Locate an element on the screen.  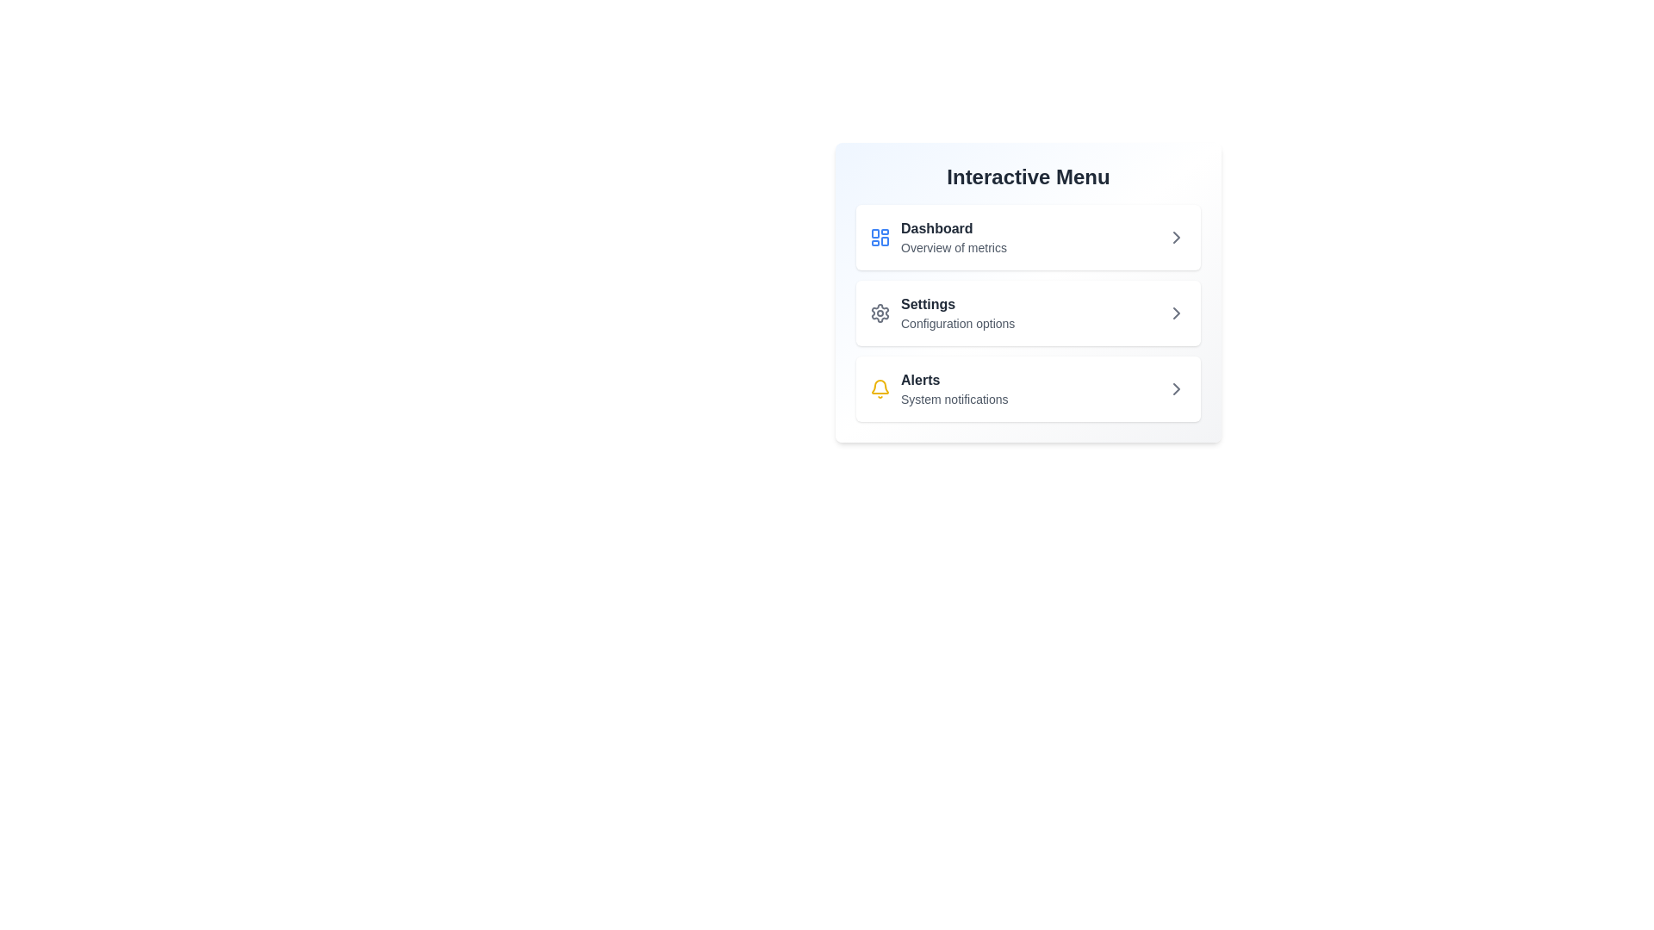
the 'Settings' menu item is located at coordinates (957, 313).